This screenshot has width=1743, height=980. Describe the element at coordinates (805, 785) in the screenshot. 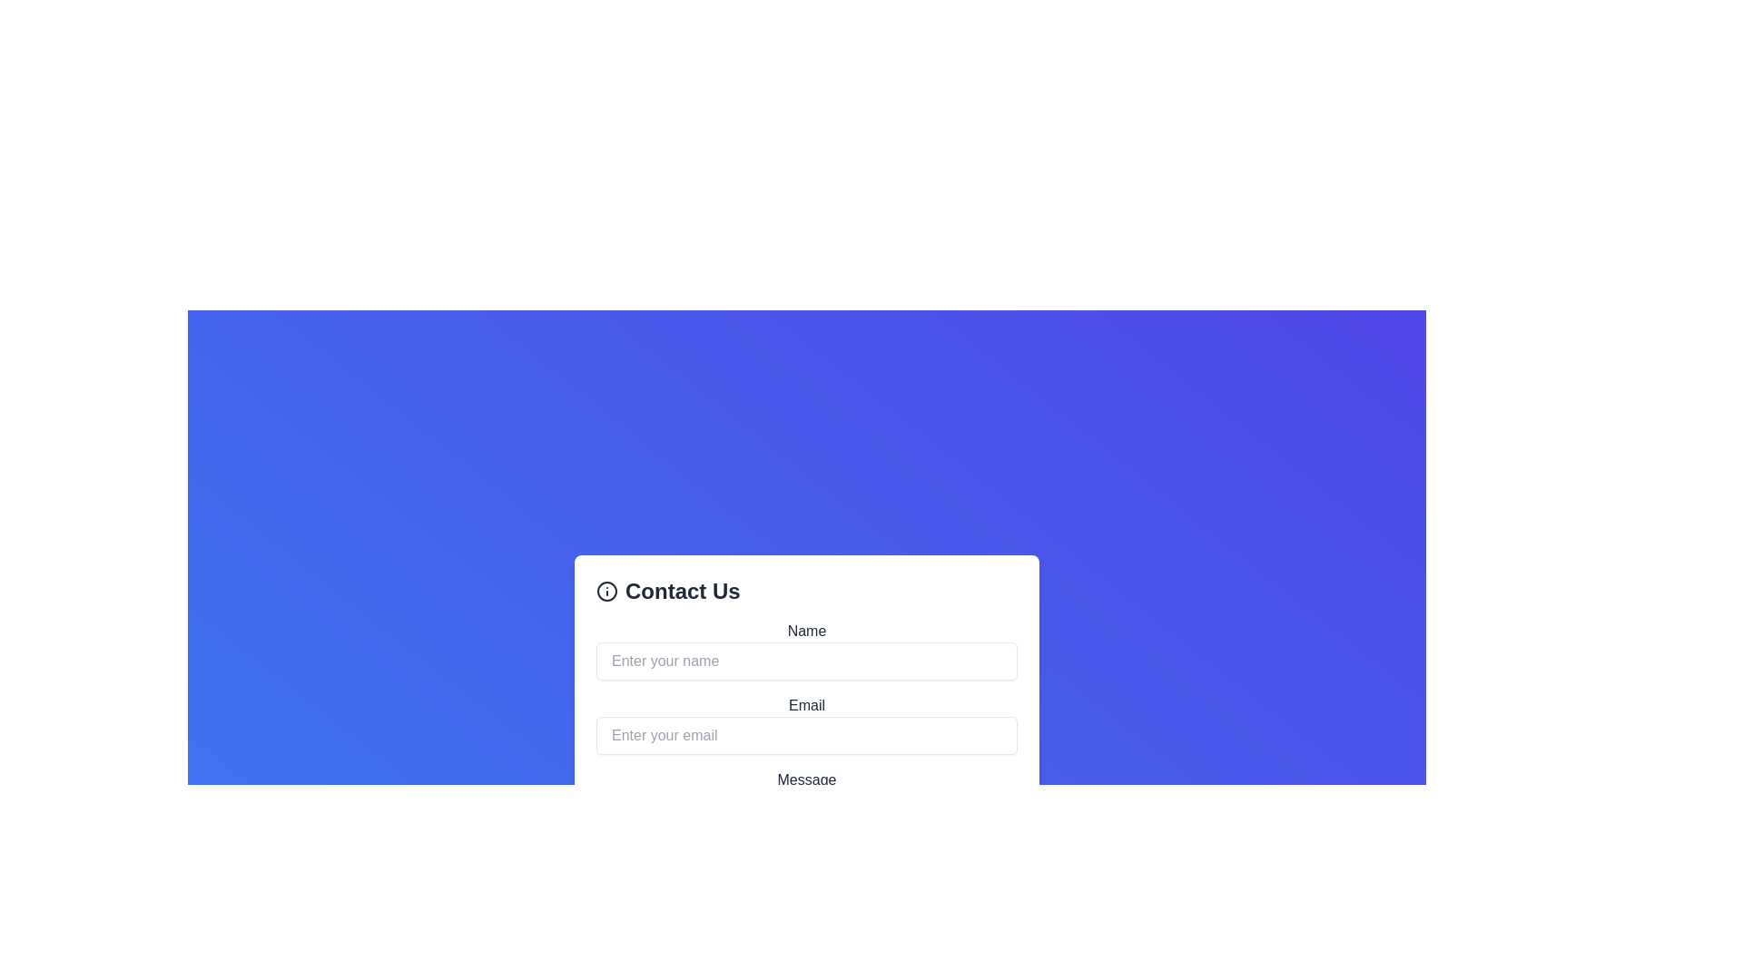

I see `the 'Message' text area in the 'Contact Us' section, which is the third major input field for entering a message` at that location.